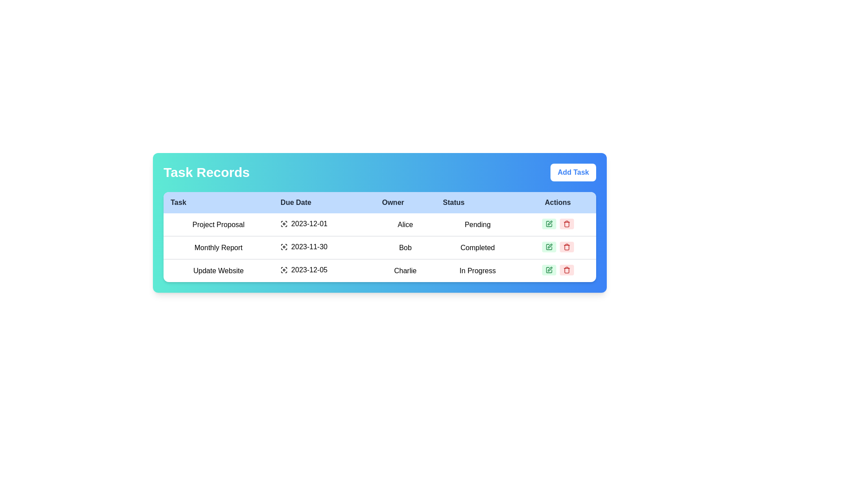  What do you see at coordinates (284, 224) in the screenshot?
I see `the small icon resembling a visual focus or target symbol located in the 'Due Date' column of the first row in the table to initiate an interactive action` at bounding box center [284, 224].